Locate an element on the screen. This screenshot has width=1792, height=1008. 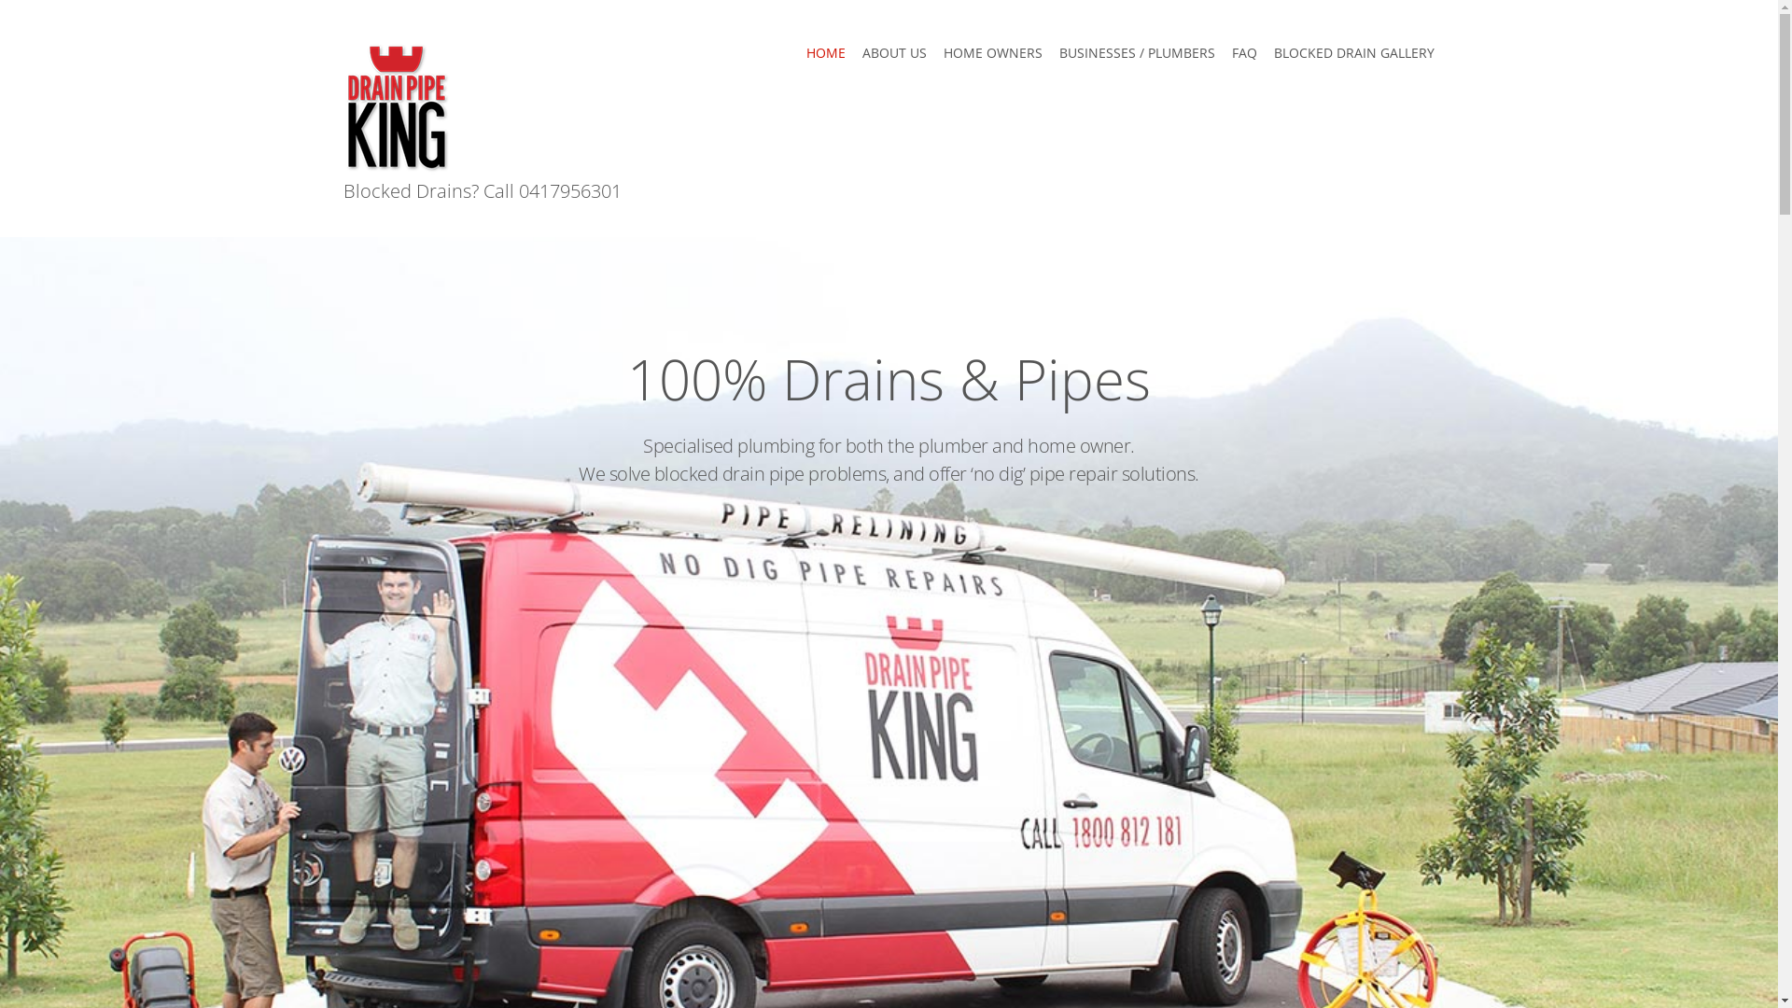
'BLOCKED DRAIN GALLERY' is located at coordinates (1353, 52).